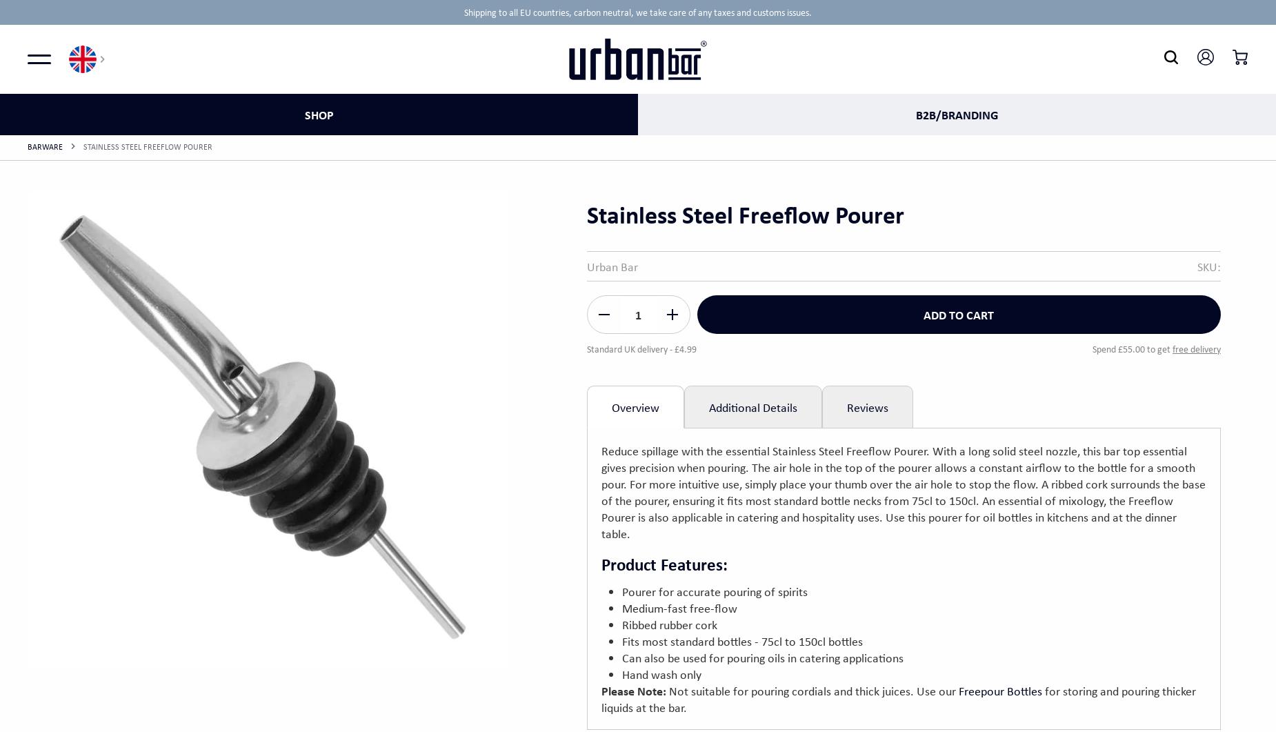 The width and height of the screenshot is (1276, 732). What do you see at coordinates (612, 266) in the screenshot?
I see `'Urban Bar'` at bounding box center [612, 266].